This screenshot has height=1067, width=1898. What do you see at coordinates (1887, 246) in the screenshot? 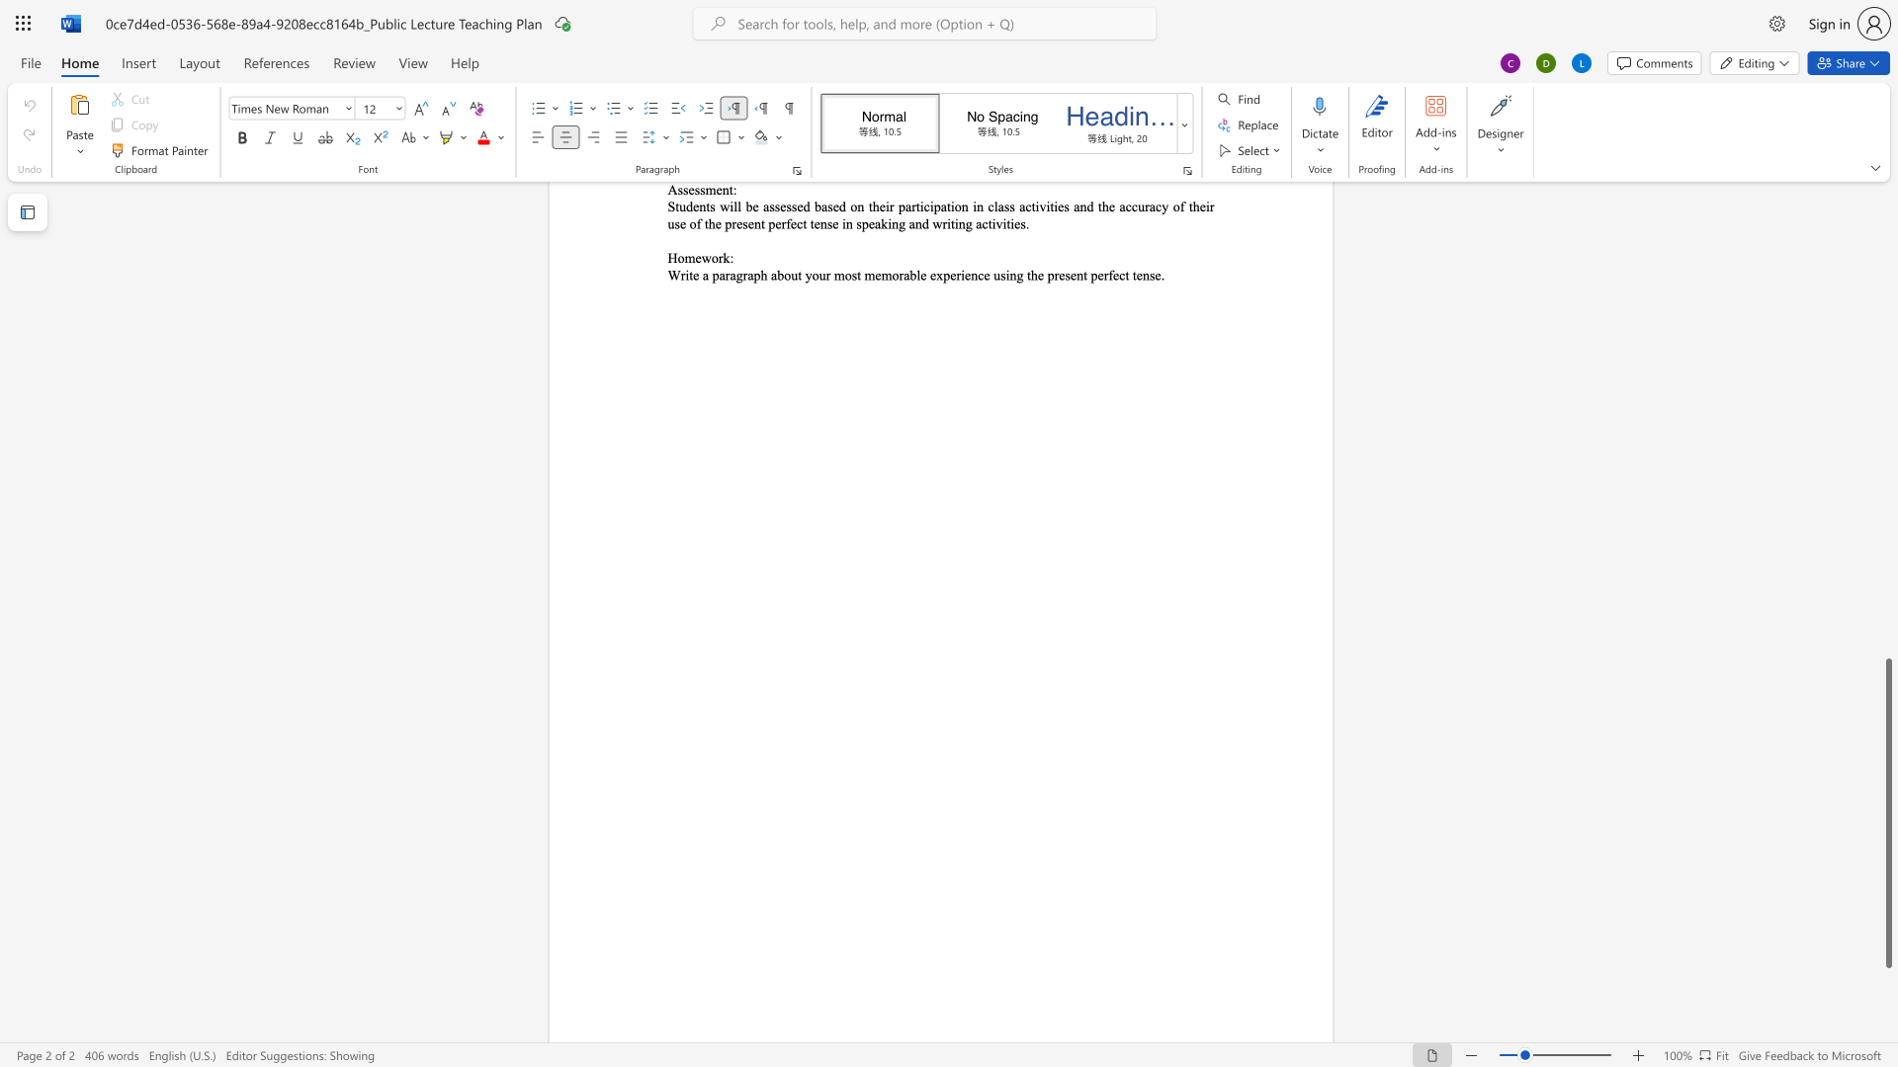
I see `the vertical scrollbar to raise the page content` at bounding box center [1887, 246].